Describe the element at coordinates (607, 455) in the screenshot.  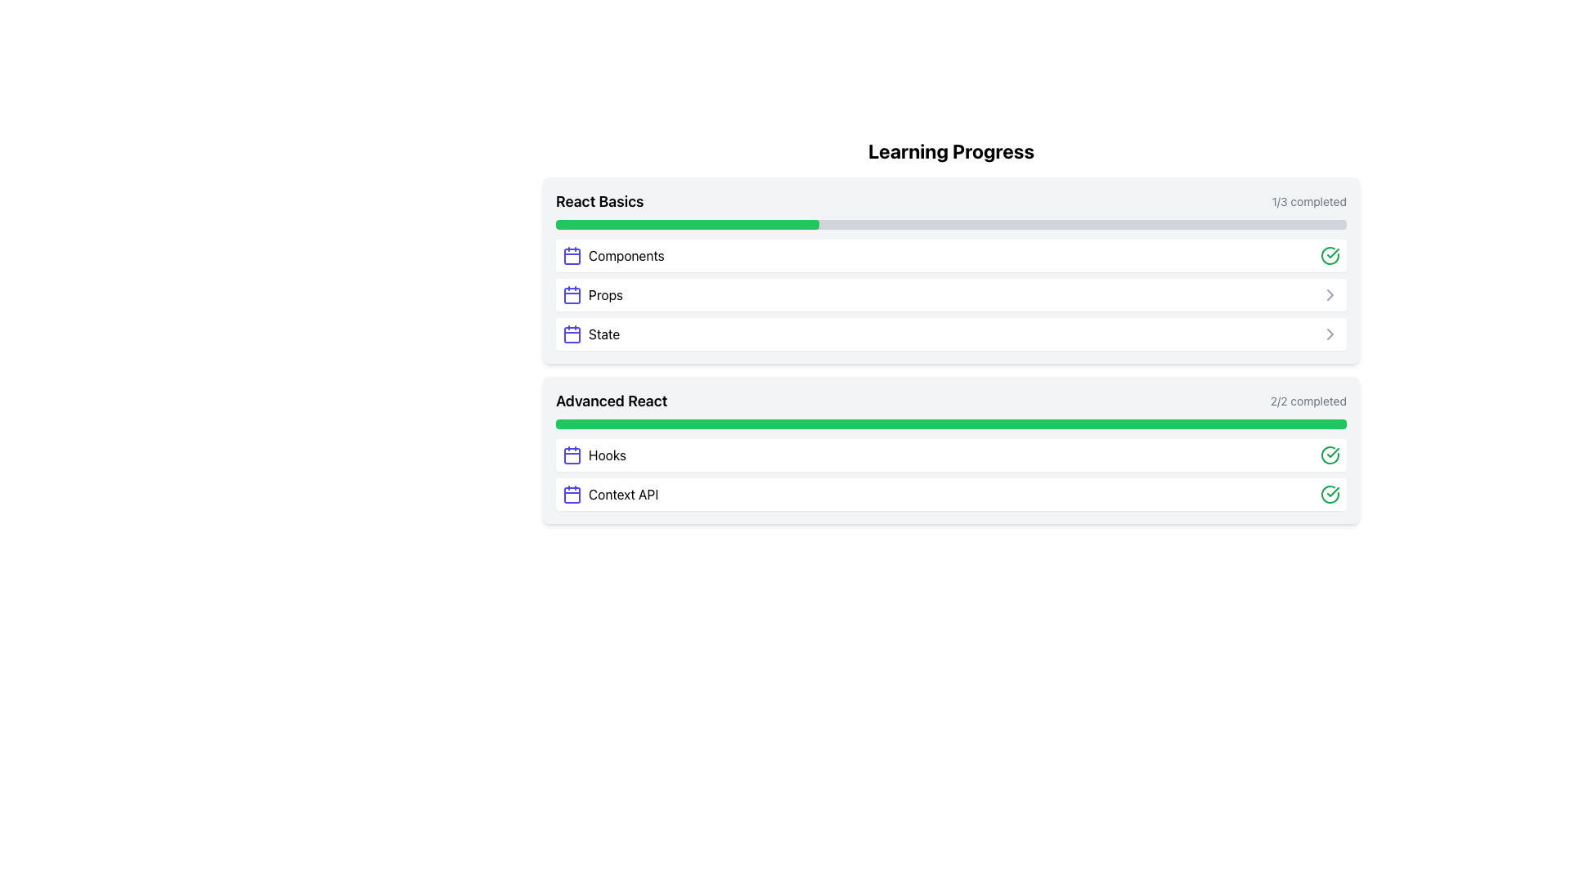
I see `the text label 'Hooks', which is styled in black and positioned next to a blue calendar icon under the 'Advanced React' section` at that location.